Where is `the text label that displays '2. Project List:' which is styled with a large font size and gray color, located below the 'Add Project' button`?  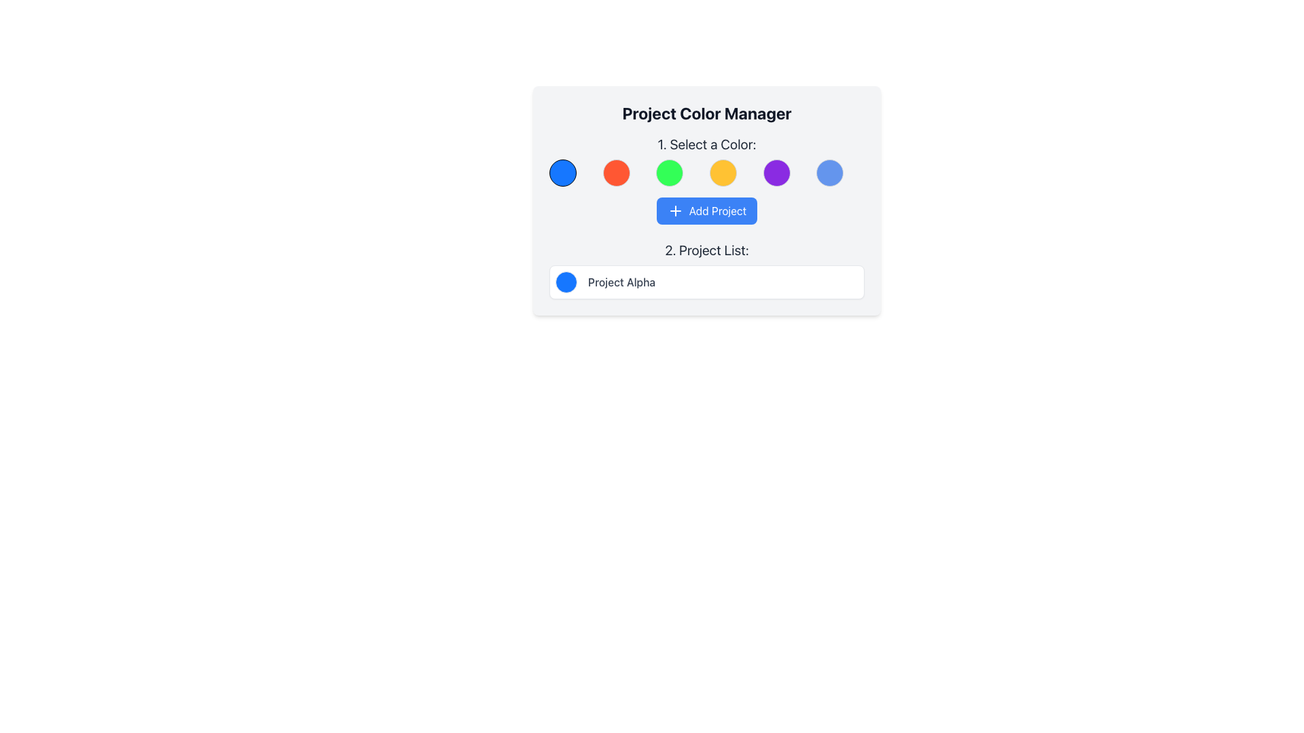 the text label that displays '2. Project List:' which is styled with a large font size and gray color, located below the 'Add Project' button is located at coordinates (706, 250).